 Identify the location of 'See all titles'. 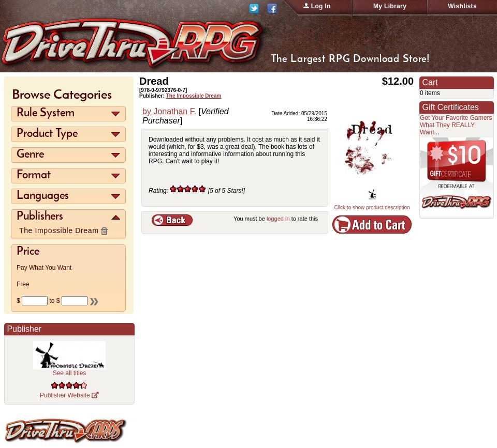
(52, 373).